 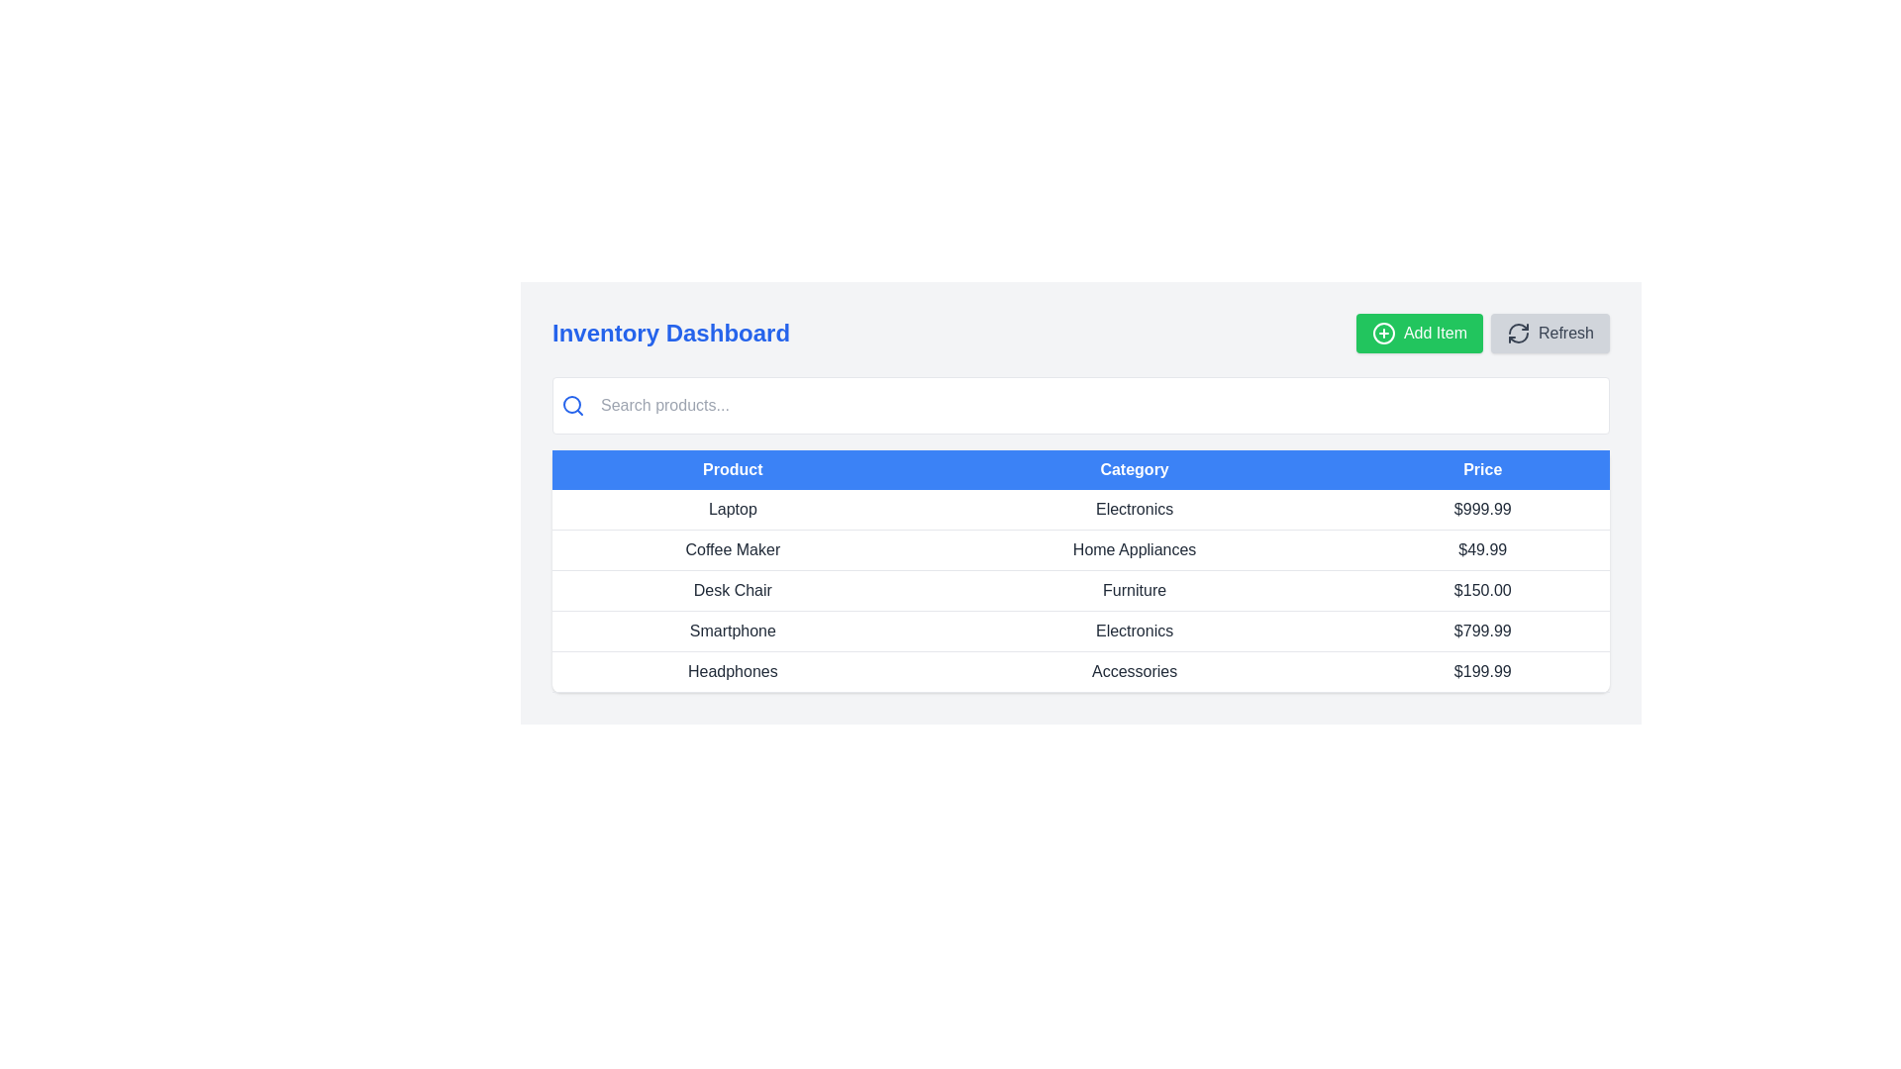 I want to click on the last row in the table that contains 'Headphones' in the 'Product' column, 'Accessories' in the 'Category' column, and '$199.99' in the 'Price' column, so click(x=1079, y=670).